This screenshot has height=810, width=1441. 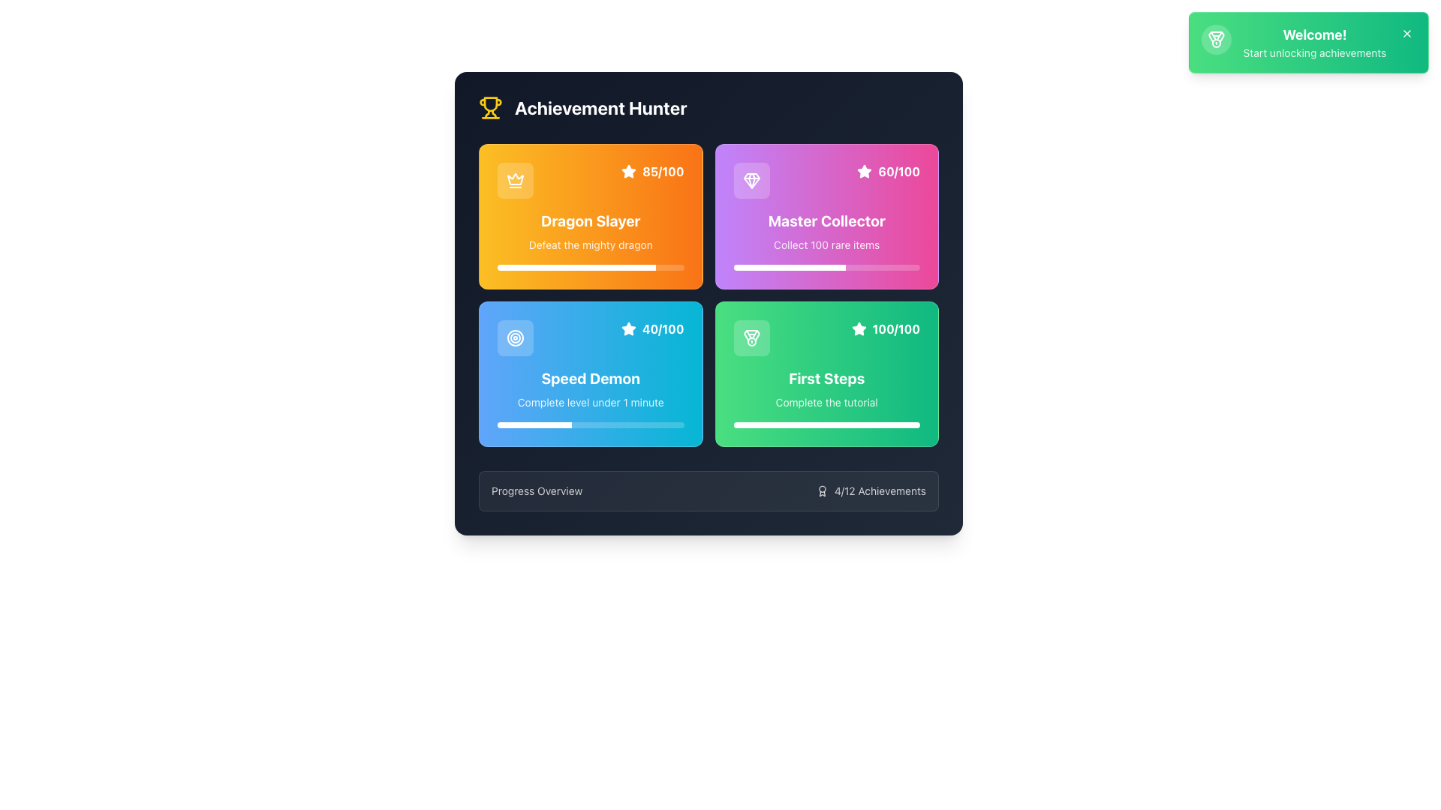 I want to click on the close icon button located in the top-right corner of the green notification card labeled 'Welcome! Start unlocking achievements', so click(x=1406, y=34).